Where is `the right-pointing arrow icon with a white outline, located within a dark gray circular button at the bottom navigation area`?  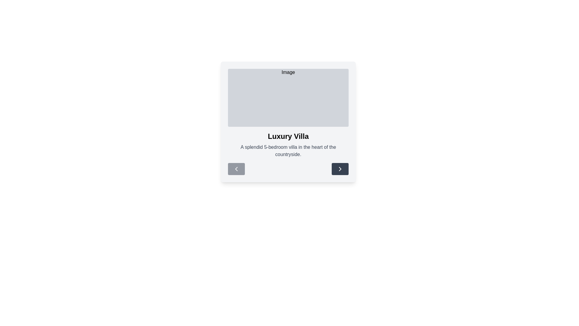 the right-pointing arrow icon with a white outline, located within a dark gray circular button at the bottom navigation area is located at coordinates (340, 169).